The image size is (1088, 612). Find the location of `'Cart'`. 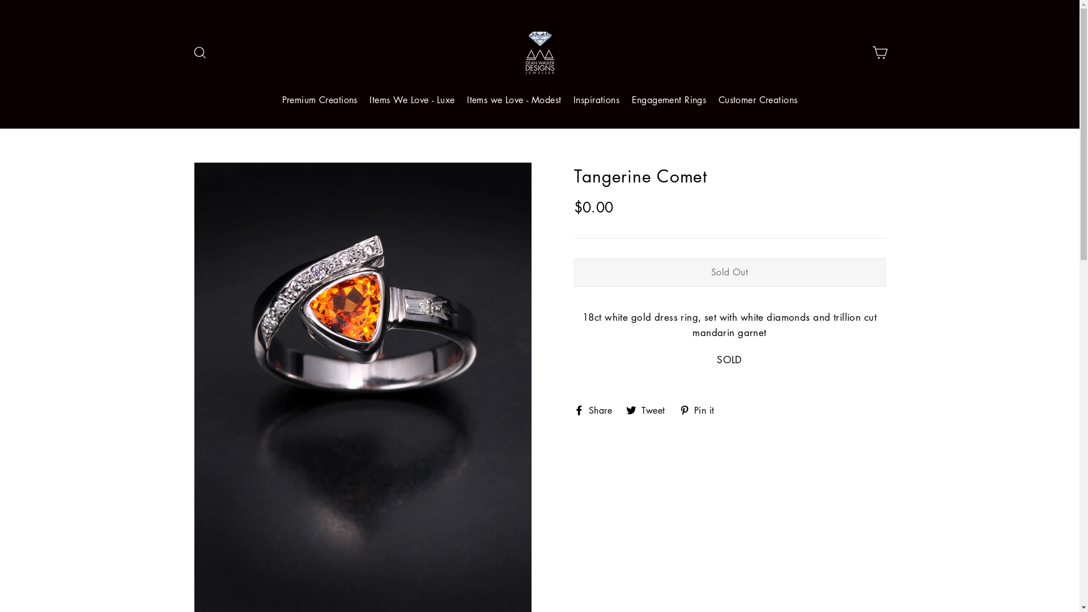

'Cart' is located at coordinates (878, 53).